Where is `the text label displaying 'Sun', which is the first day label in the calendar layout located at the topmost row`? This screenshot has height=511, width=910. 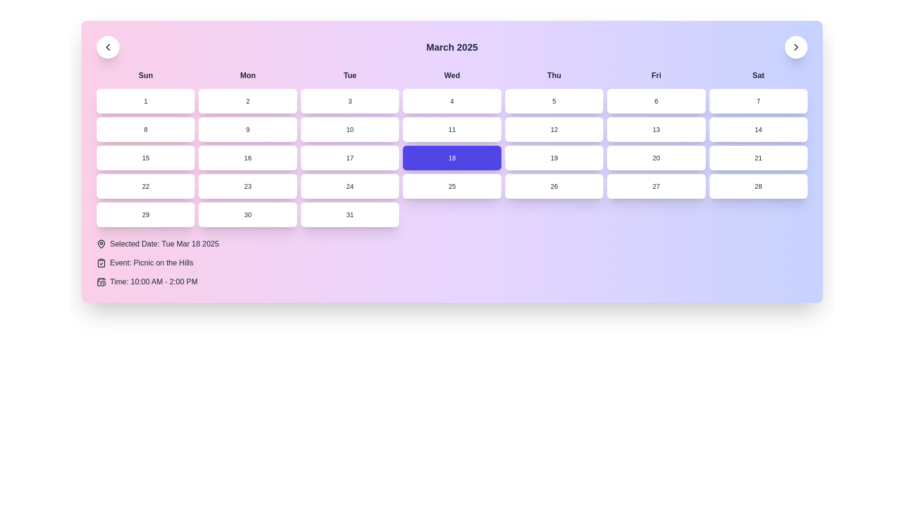 the text label displaying 'Sun', which is the first day label in the calendar layout located at the topmost row is located at coordinates (145, 75).